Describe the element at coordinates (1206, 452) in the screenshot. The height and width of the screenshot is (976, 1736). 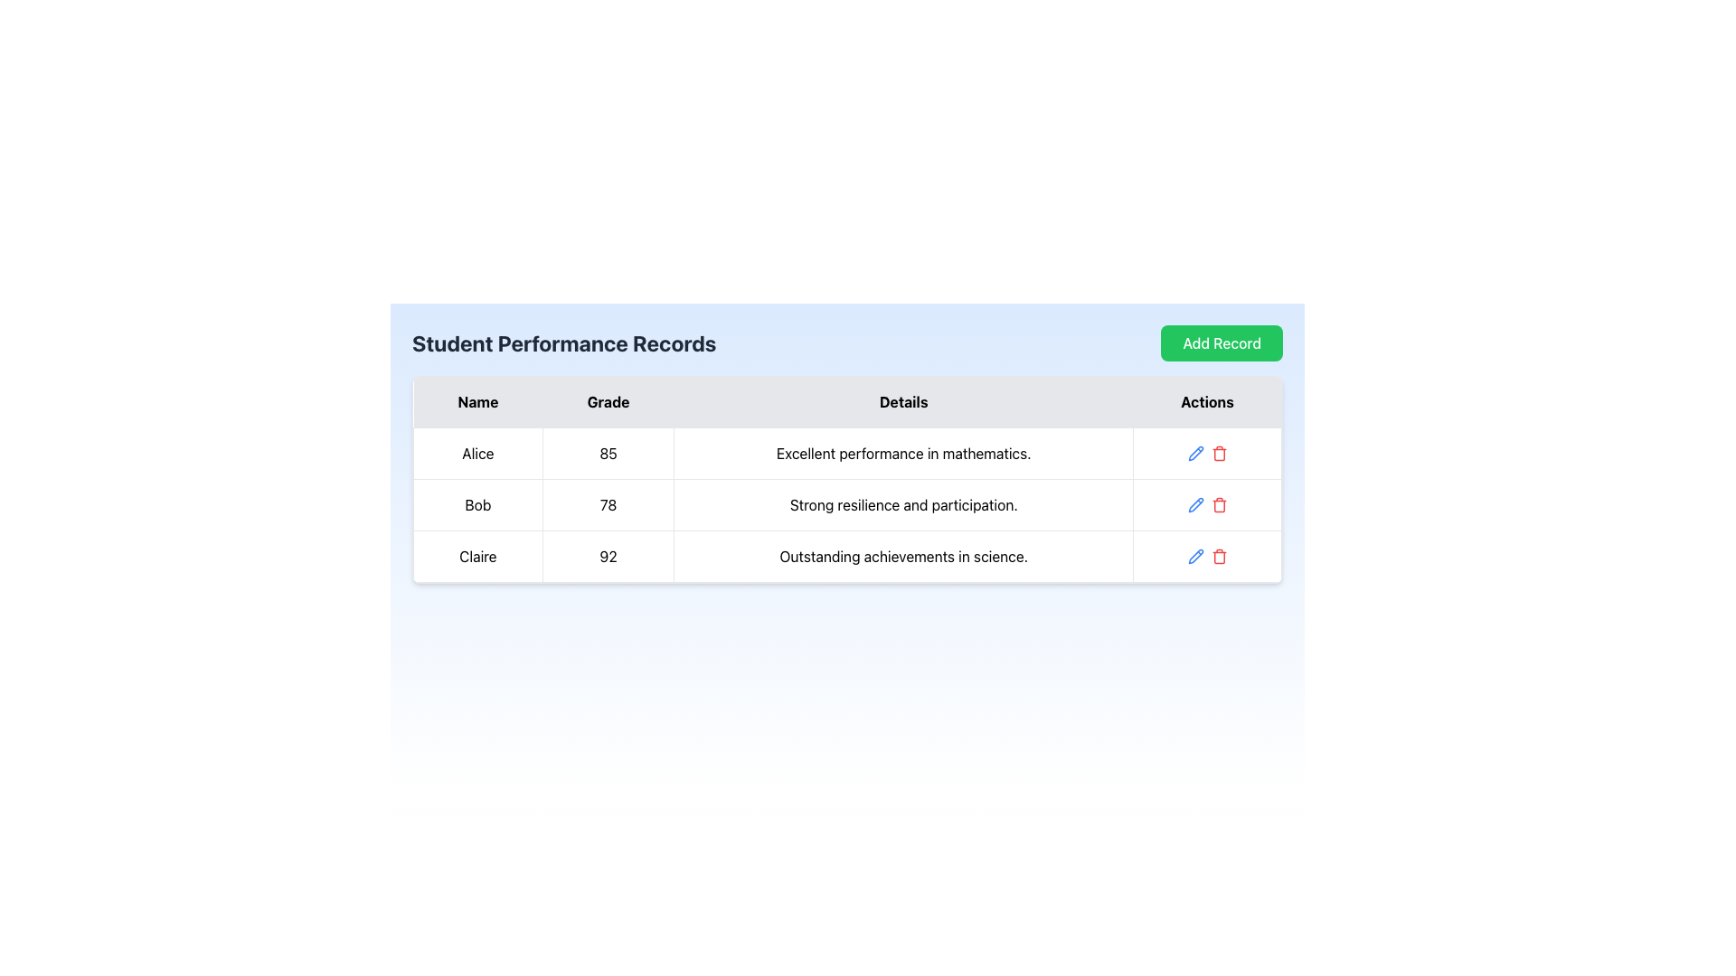
I see `the interactive icons within the empty cell located in the rightmost column of the 'Student Performance Records' table for the student 'Alice'` at that location.